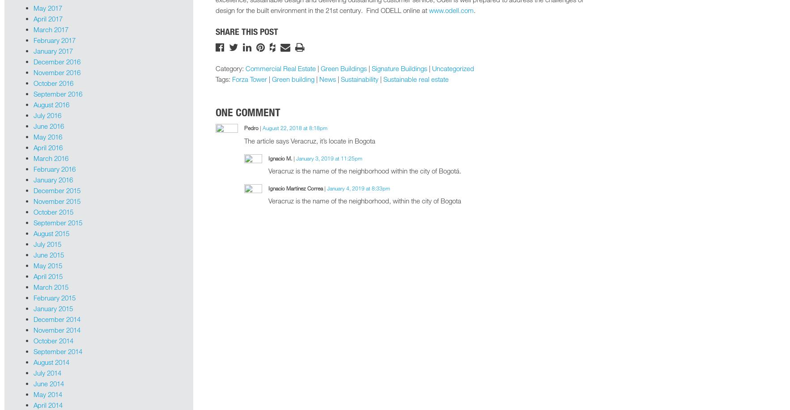 Image resolution: width=790 pixels, height=410 pixels. Describe the element at coordinates (33, 147) in the screenshot. I see `'April 2016'` at that location.